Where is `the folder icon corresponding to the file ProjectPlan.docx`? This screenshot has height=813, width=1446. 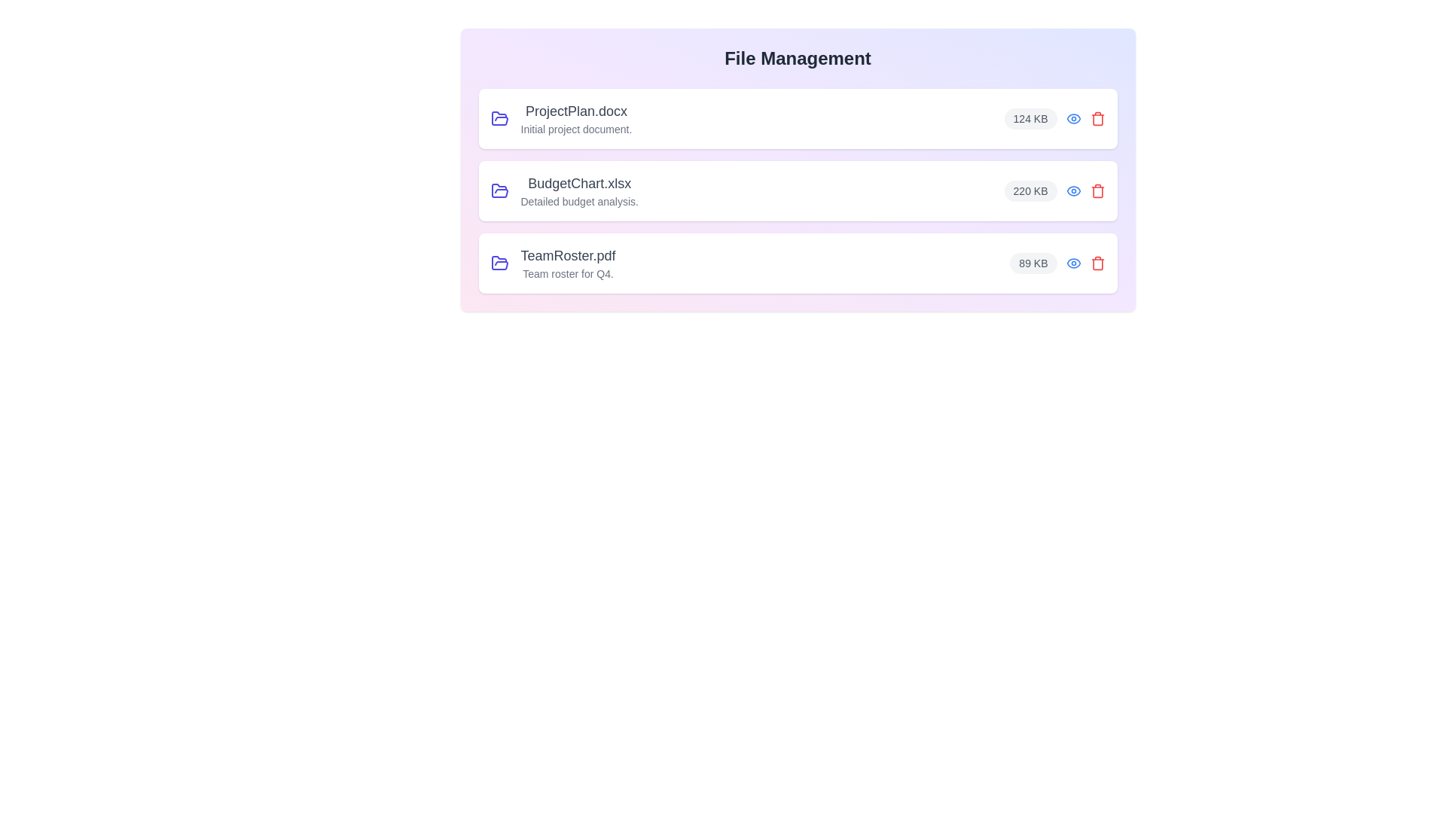 the folder icon corresponding to the file ProjectPlan.docx is located at coordinates (499, 118).